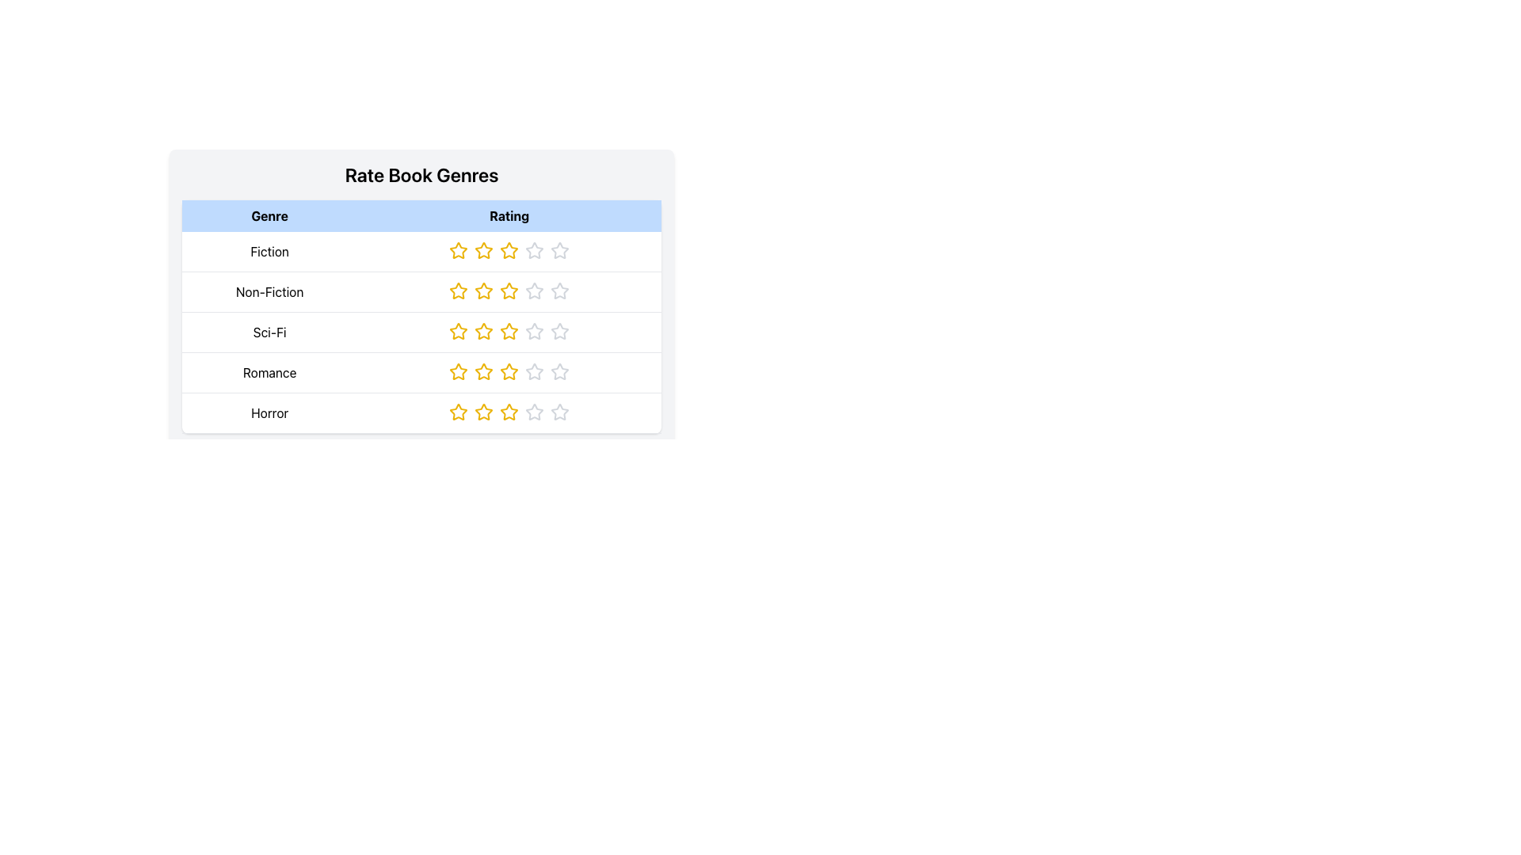 Image resolution: width=1521 pixels, height=855 pixels. I want to click on on the second star in the Sci-Fi genre rating system, so click(458, 330).